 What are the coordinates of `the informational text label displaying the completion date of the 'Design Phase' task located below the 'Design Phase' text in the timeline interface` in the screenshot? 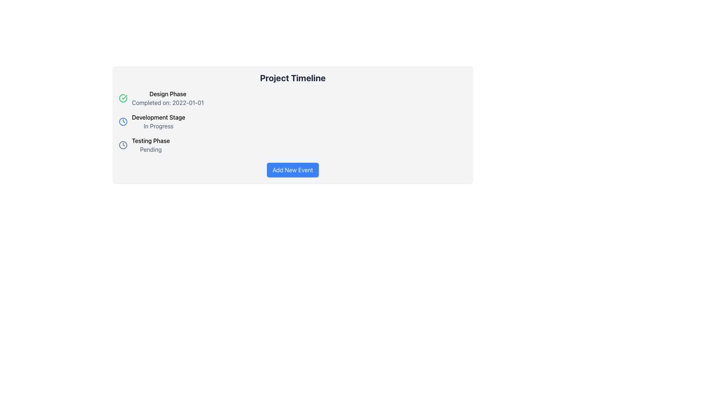 It's located at (167, 103).